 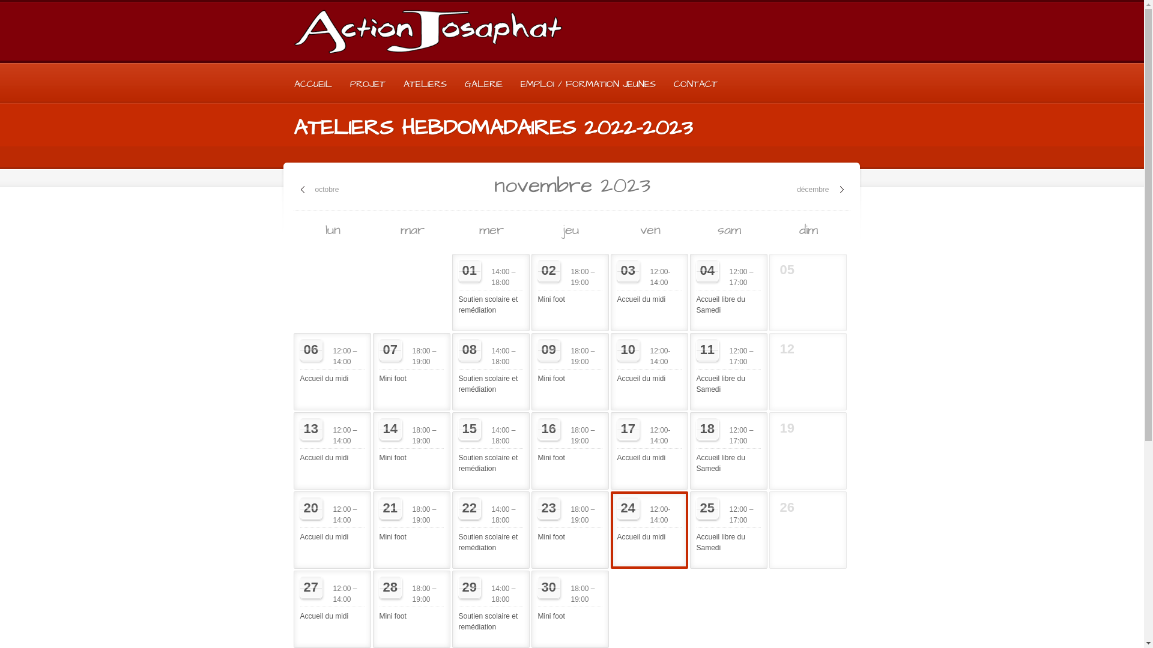 What do you see at coordinates (455, 83) in the screenshot?
I see `'GALERIE'` at bounding box center [455, 83].